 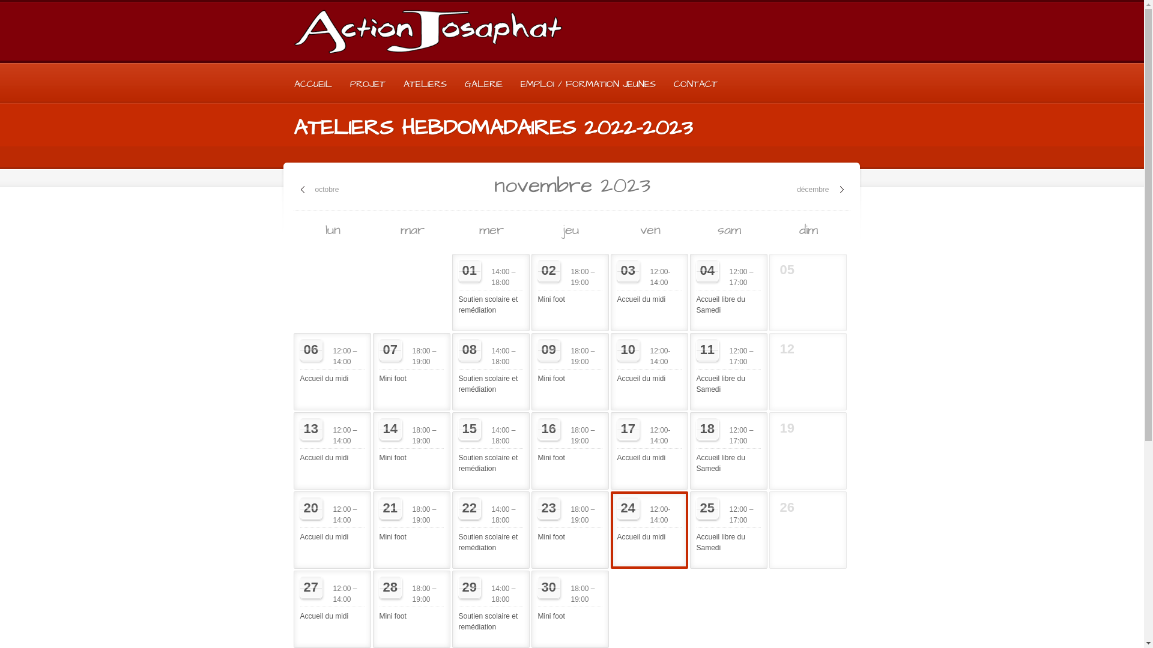 What do you see at coordinates (455, 83) in the screenshot?
I see `'GALERIE'` at bounding box center [455, 83].